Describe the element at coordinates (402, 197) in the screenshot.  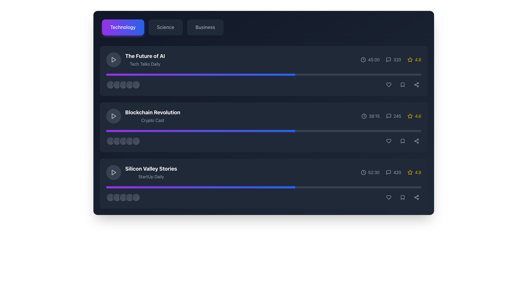
I see `the bookmark button located in the bottom-right corner of the card, positioned between the heart-shaped icon and the share icon` at that location.